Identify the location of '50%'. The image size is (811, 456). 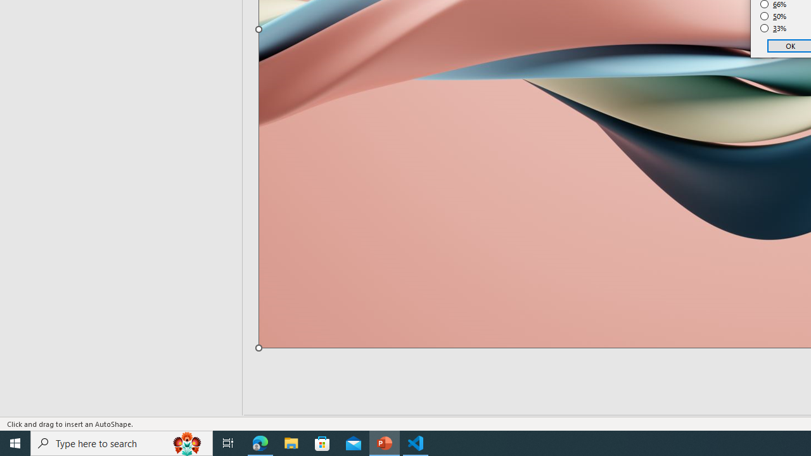
(773, 16).